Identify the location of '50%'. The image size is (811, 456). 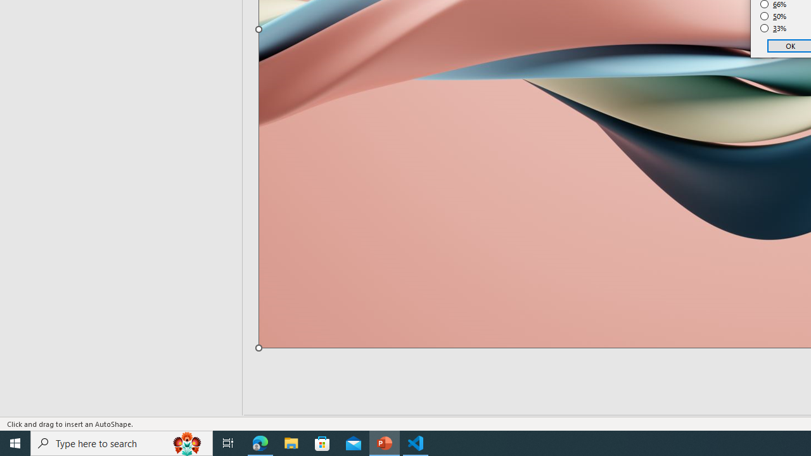
(773, 16).